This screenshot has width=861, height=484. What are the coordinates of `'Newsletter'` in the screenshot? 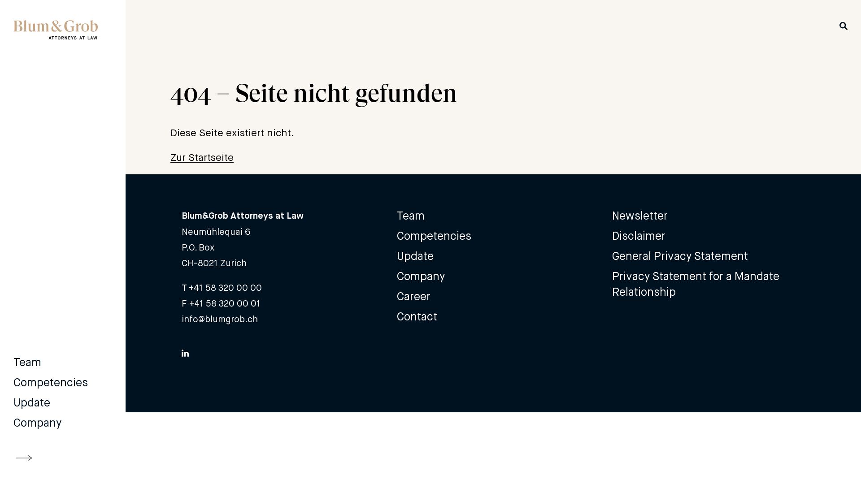 It's located at (639, 216).